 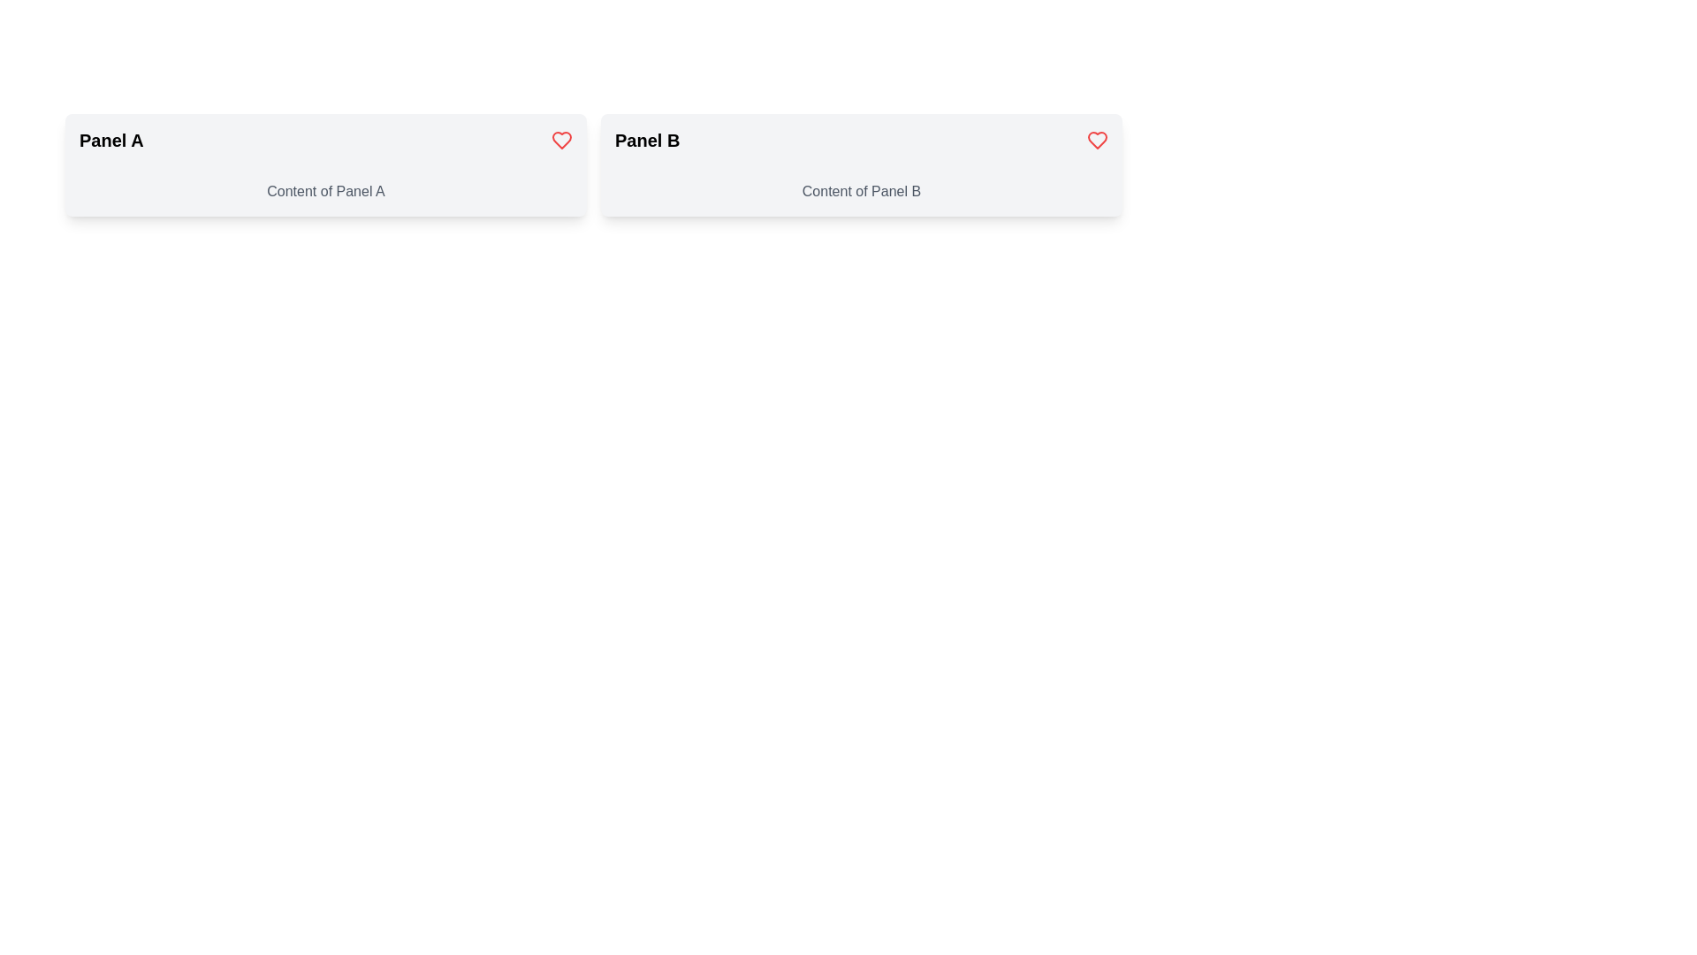 I want to click on text displayed in bold as 'Panel B', which is positioned at the left side of its panel header, so click(x=646, y=139).